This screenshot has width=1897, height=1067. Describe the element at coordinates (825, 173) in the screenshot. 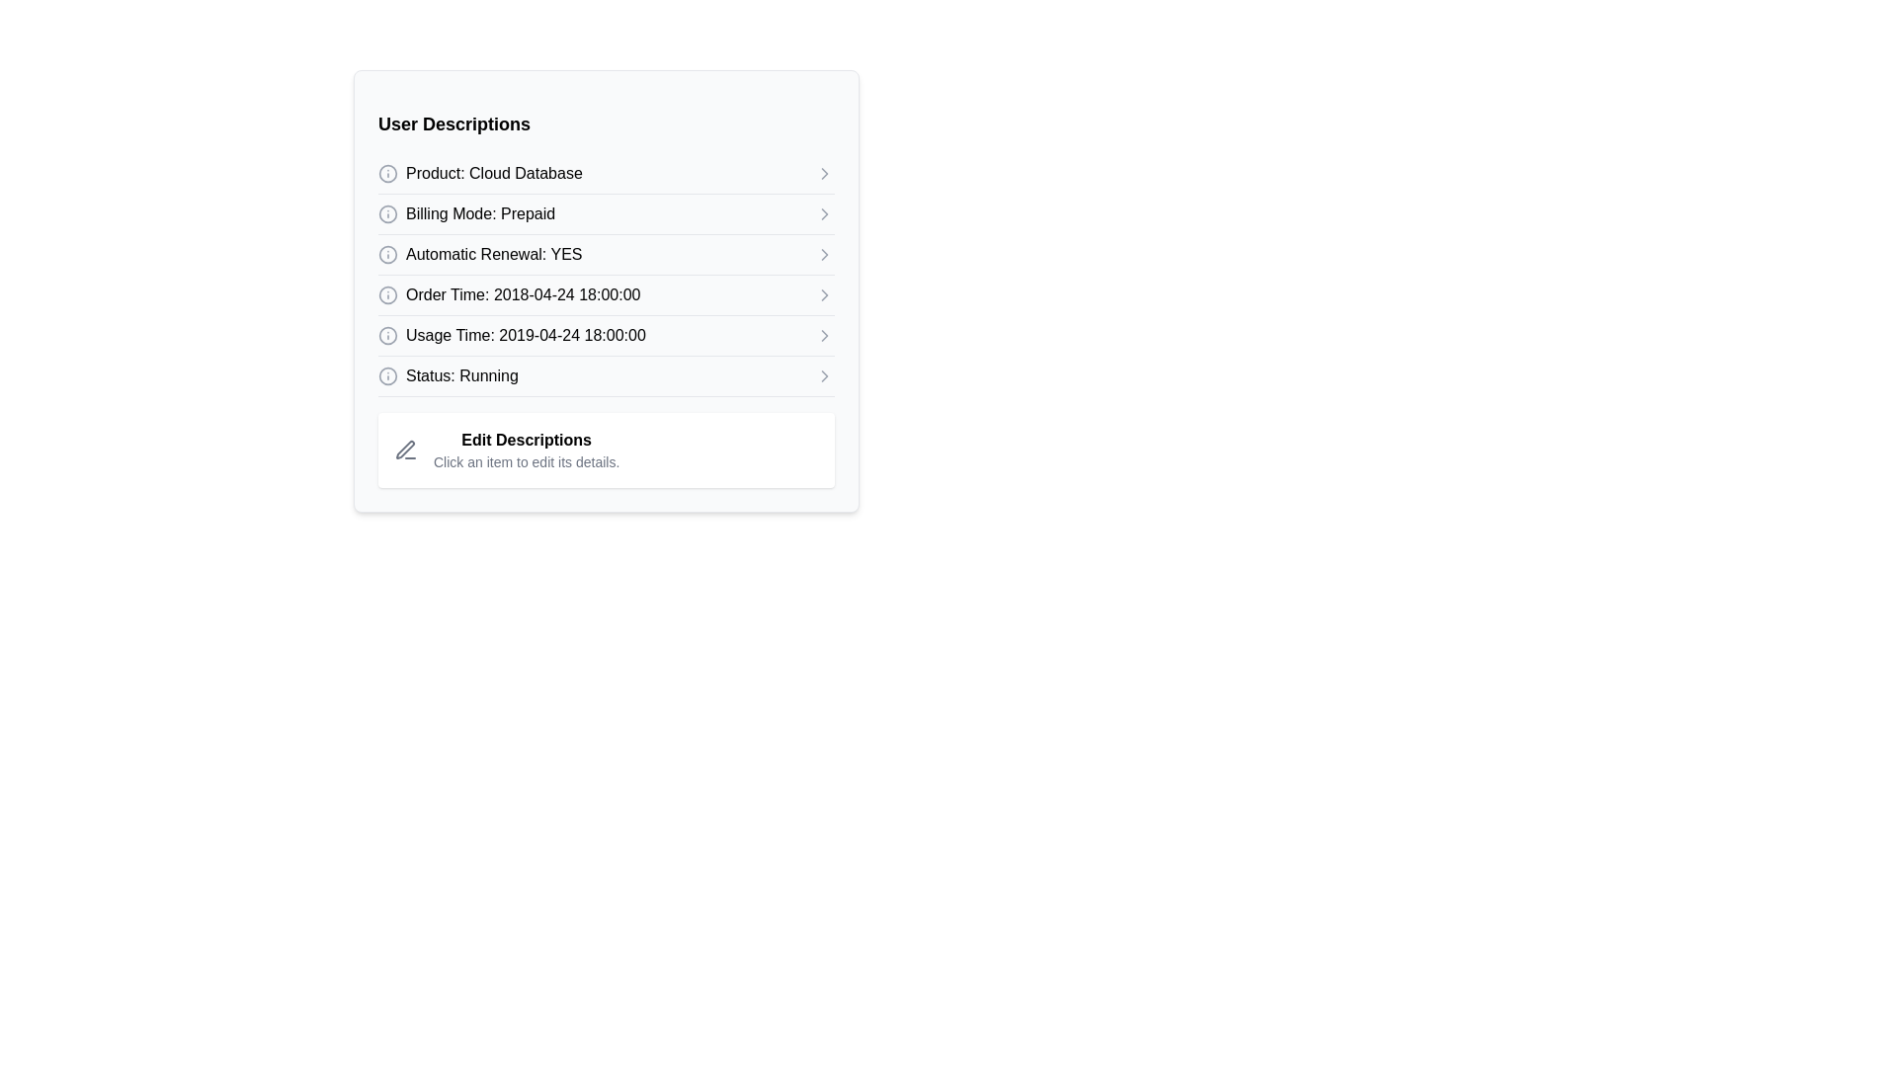

I see `the Chevron Right icon` at that location.